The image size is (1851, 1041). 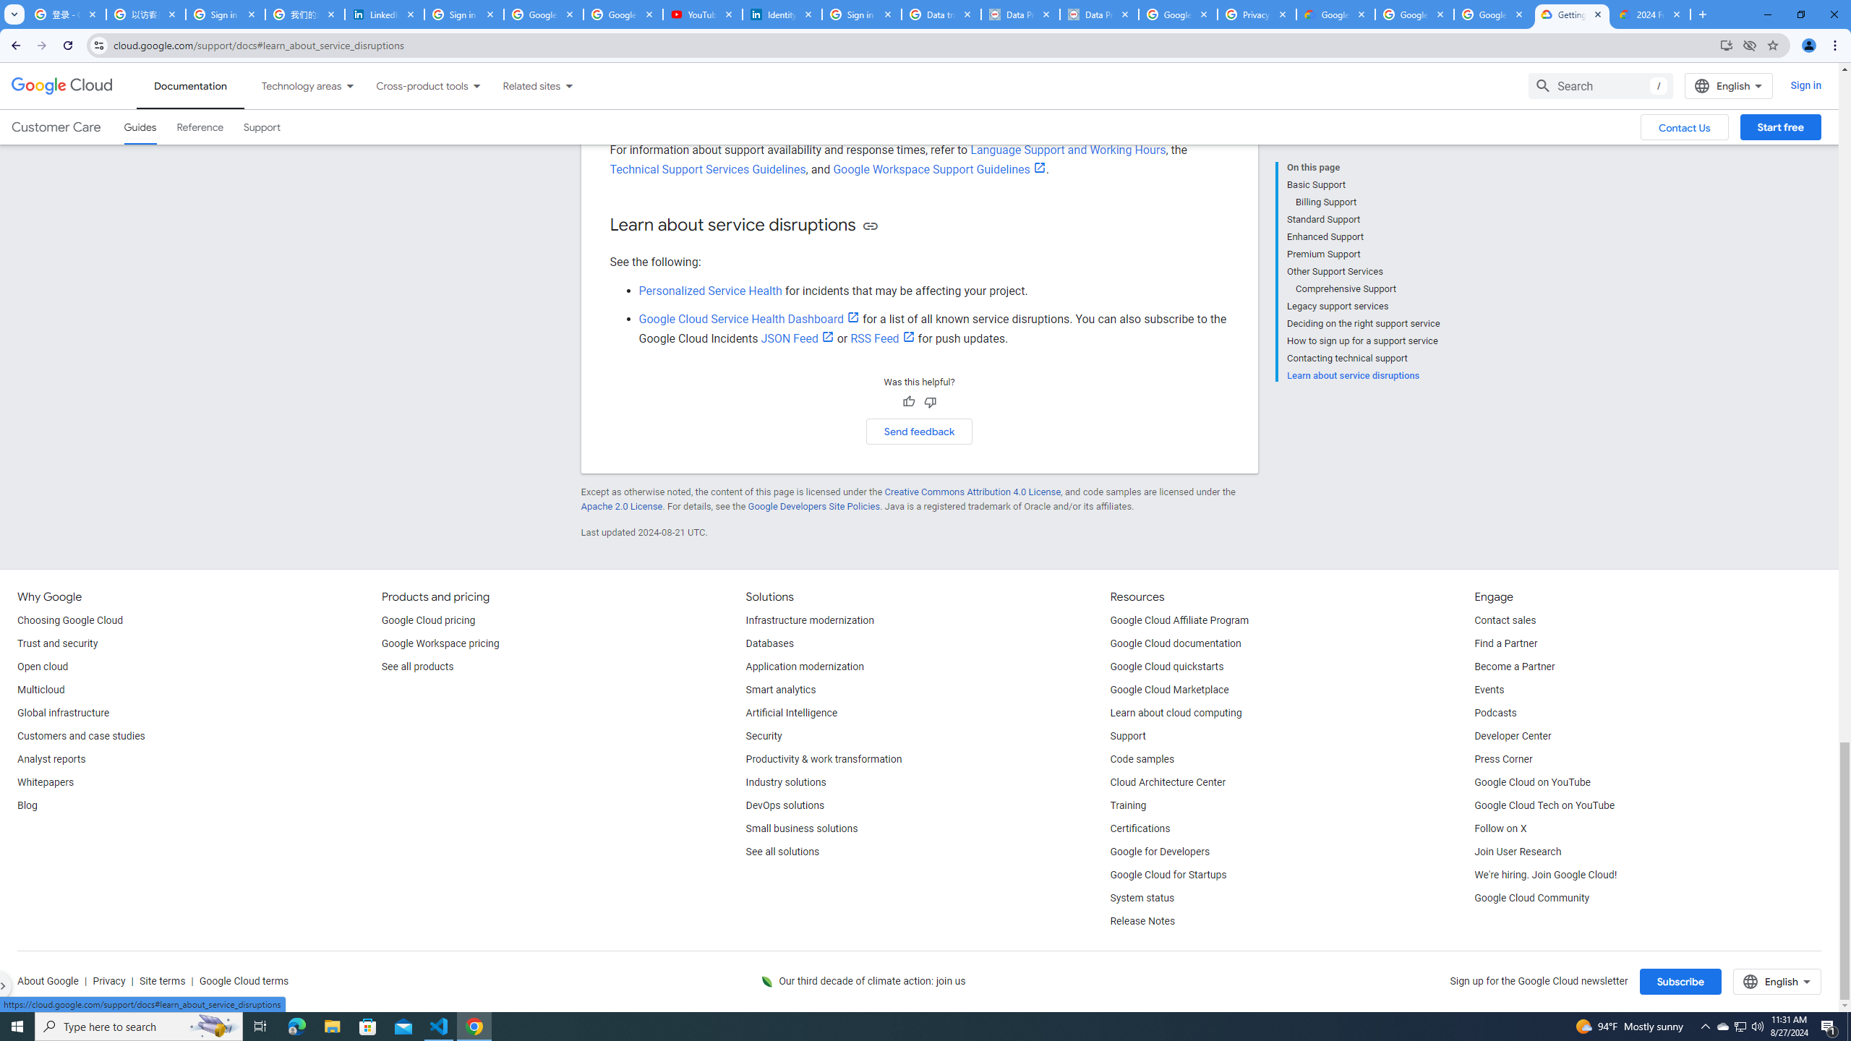 I want to click on 'Guides, selected', so click(x=139, y=127).